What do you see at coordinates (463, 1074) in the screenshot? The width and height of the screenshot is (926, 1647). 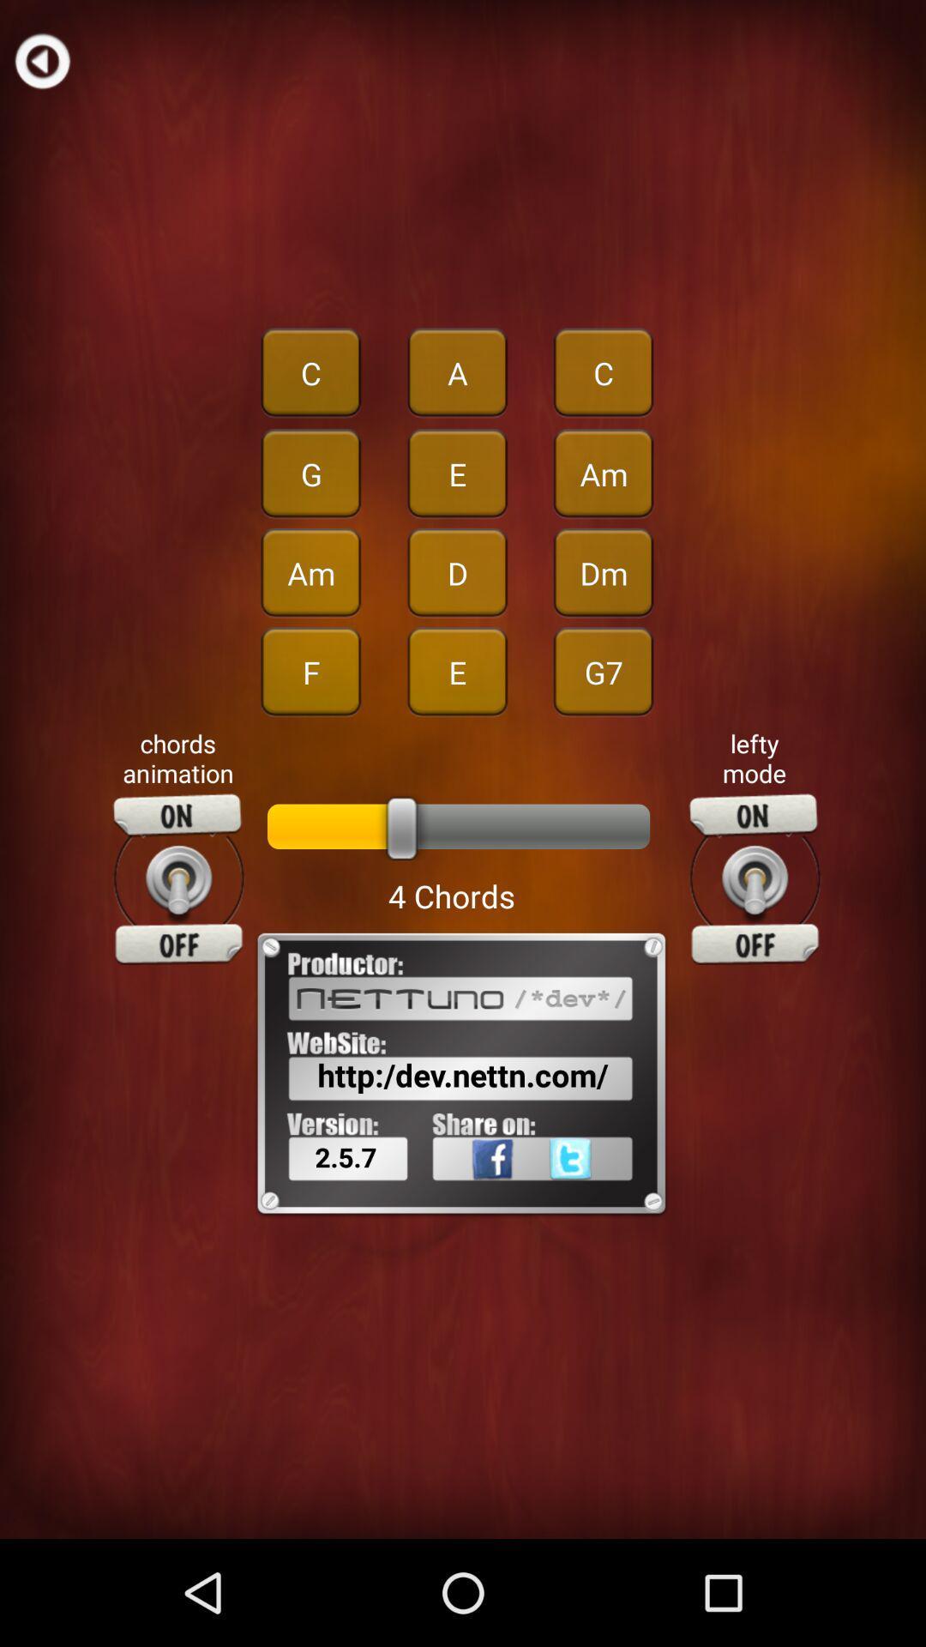 I see `http dev nettn icon` at bounding box center [463, 1074].